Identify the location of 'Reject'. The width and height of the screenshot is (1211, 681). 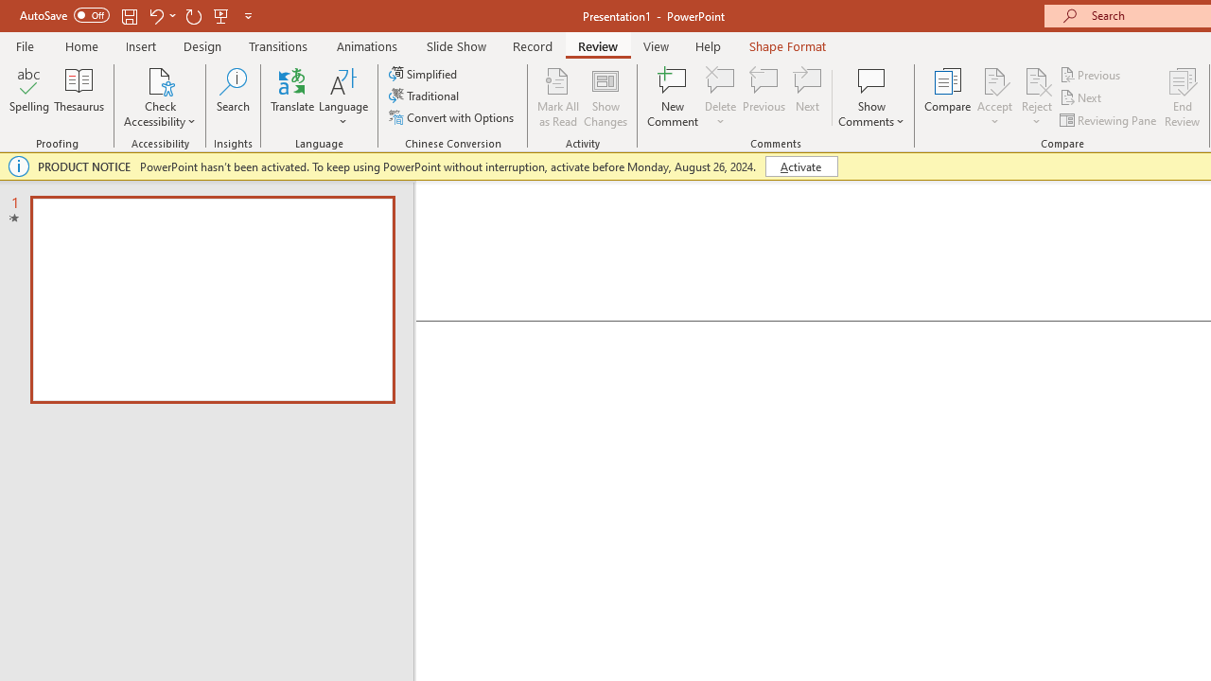
(1036, 97).